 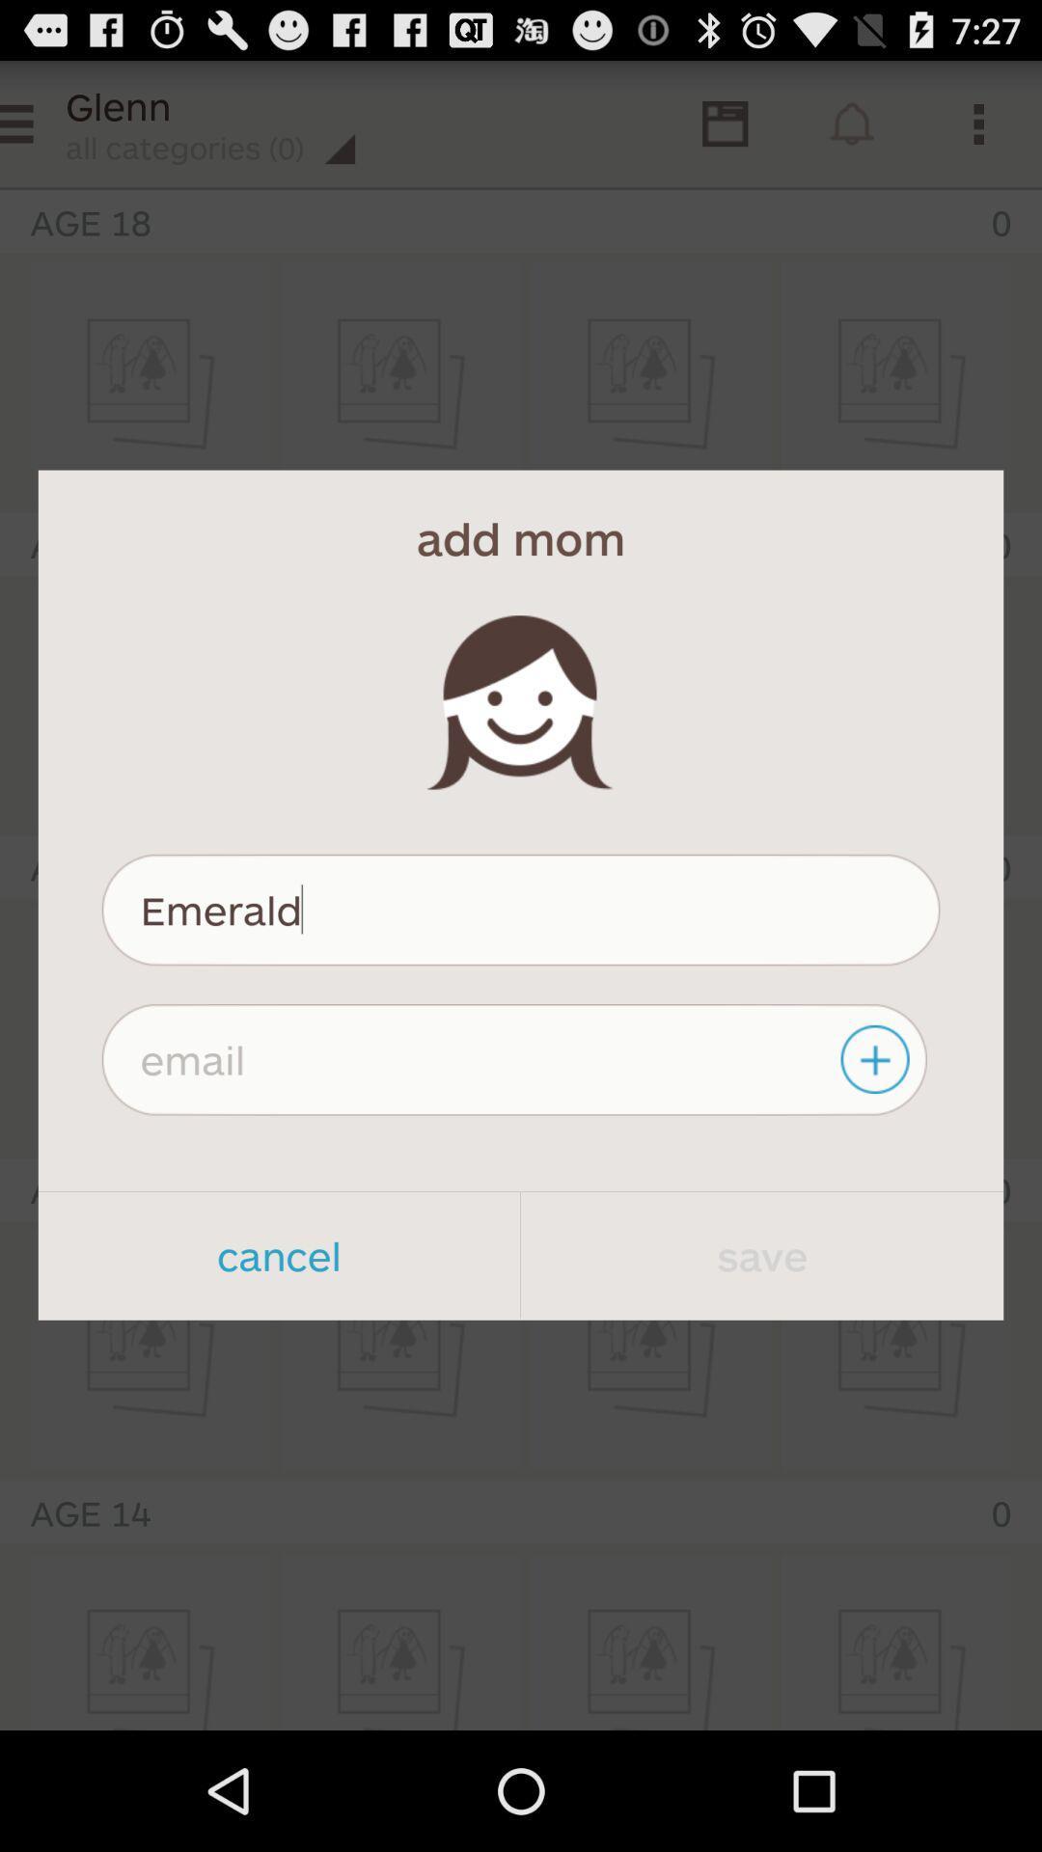 I want to click on email, so click(x=513, y=1058).